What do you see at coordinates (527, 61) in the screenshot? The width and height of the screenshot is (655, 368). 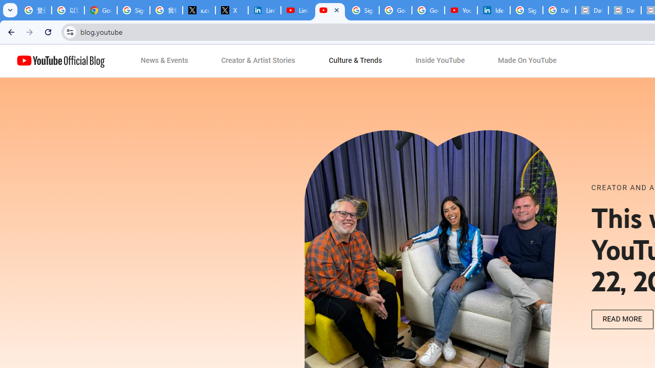 I see `'Made On YouTube'` at bounding box center [527, 61].